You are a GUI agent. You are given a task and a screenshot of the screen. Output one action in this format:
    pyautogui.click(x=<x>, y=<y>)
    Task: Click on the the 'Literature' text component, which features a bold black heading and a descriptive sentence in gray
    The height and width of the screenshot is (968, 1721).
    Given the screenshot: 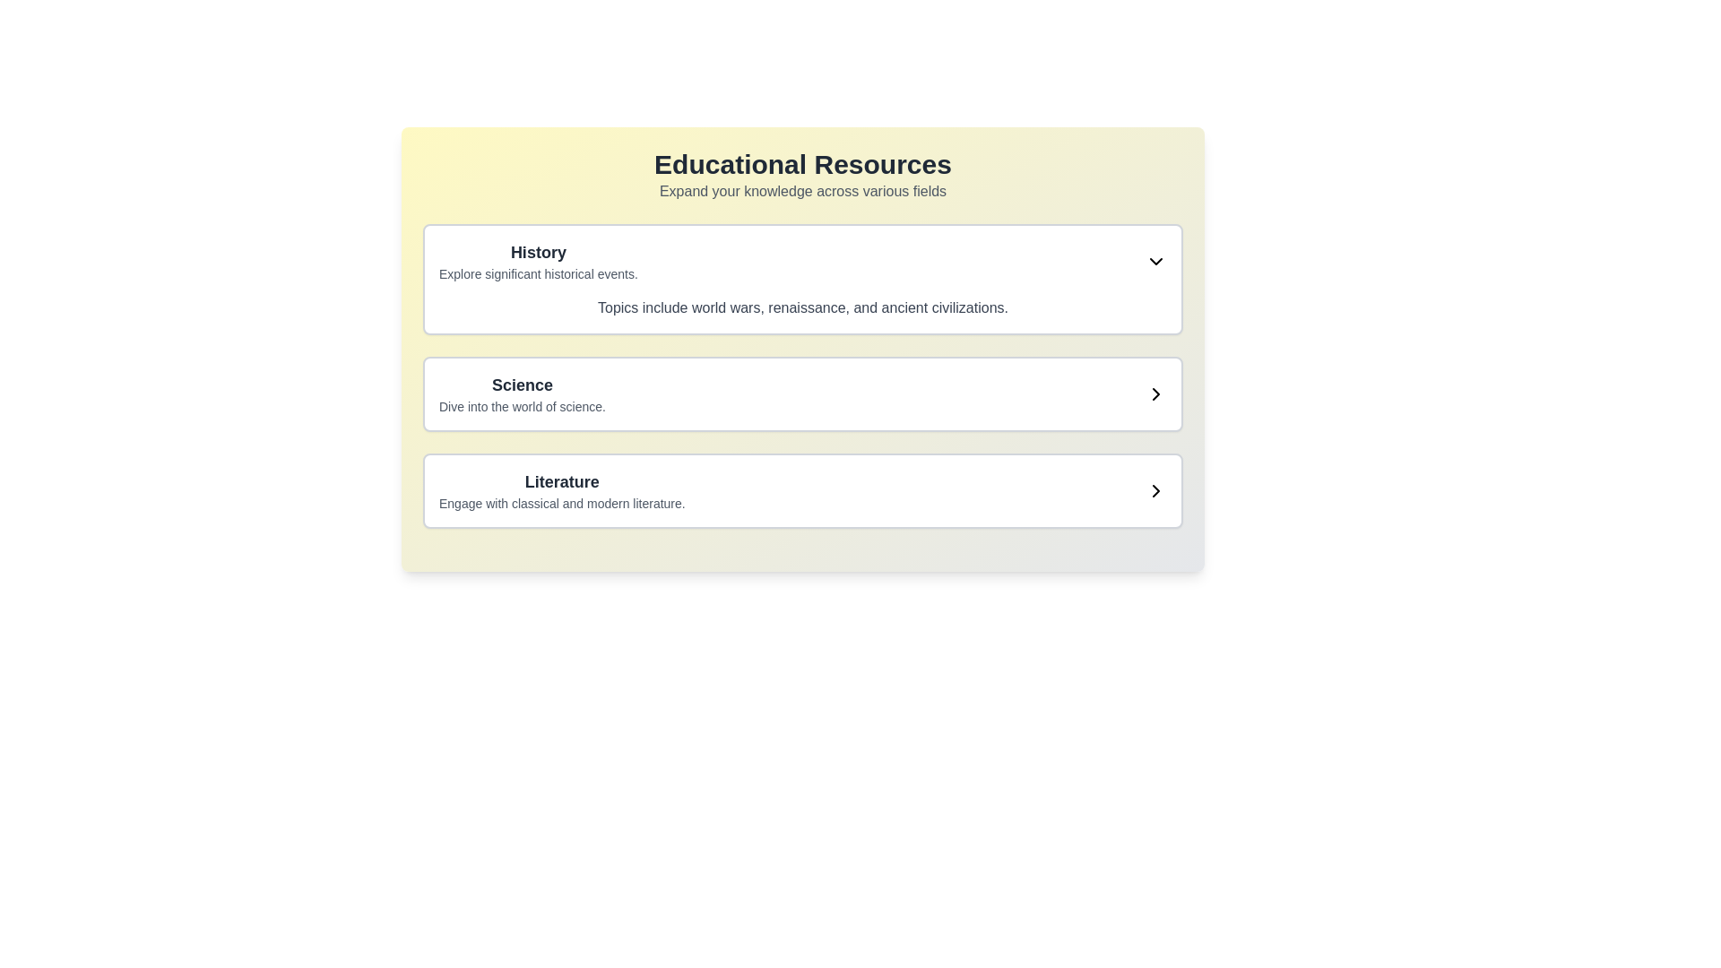 What is the action you would take?
    pyautogui.click(x=561, y=490)
    